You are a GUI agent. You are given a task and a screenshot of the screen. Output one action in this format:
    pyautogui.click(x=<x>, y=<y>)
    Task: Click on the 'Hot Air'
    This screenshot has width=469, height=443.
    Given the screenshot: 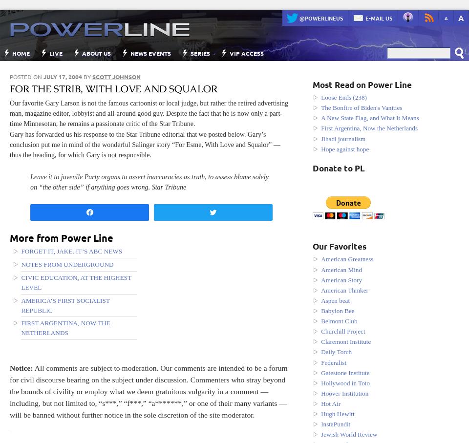 What is the action you would take?
    pyautogui.click(x=320, y=402)
    